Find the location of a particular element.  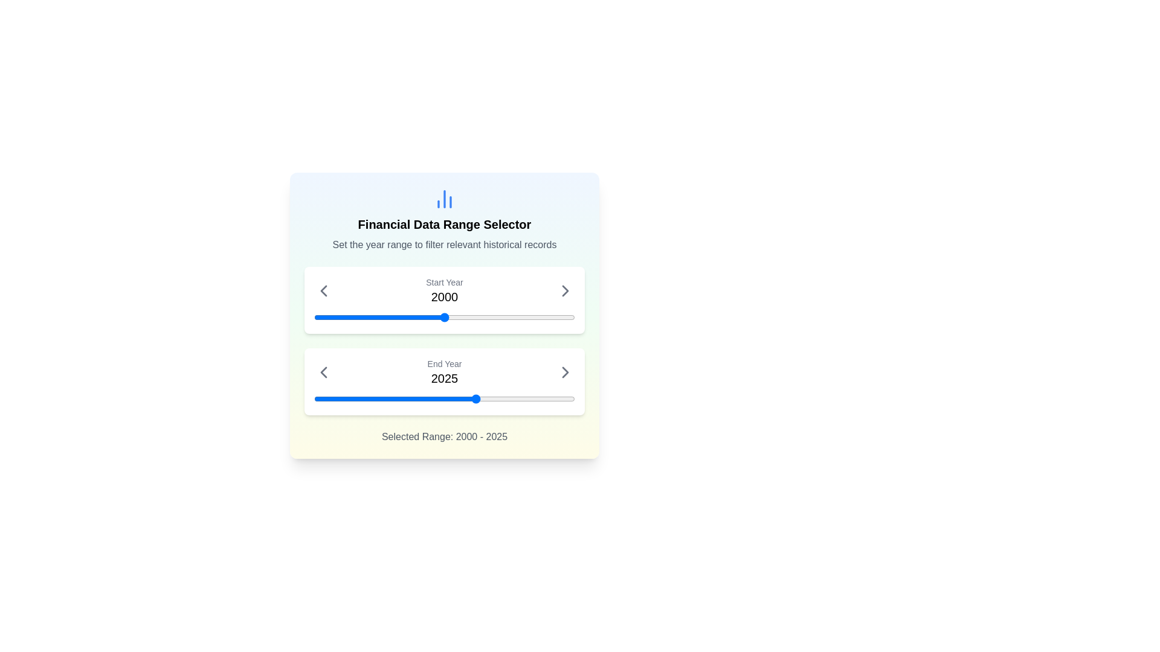

the start year is located at coordinates (405, 316).